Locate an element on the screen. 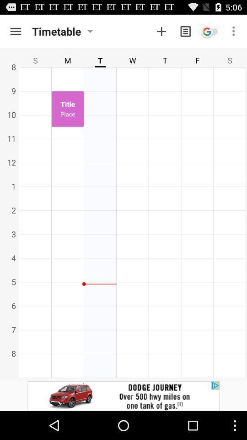  the menu icon is located at coordinates (15, 33).